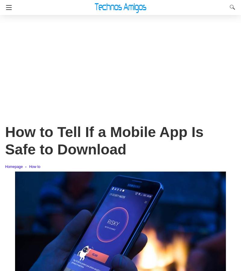 This screenshot has width=241, height=271. What do you see at coordinates (120, 225) in the screenshot?
I see `'One of the easiest and most basic ways for you to have a good judgment that an app is safe is to check the number of downloads. The more users who download an app, the more popular it is, and the more reliable it becomes.'` at bounding box center [120, 225].